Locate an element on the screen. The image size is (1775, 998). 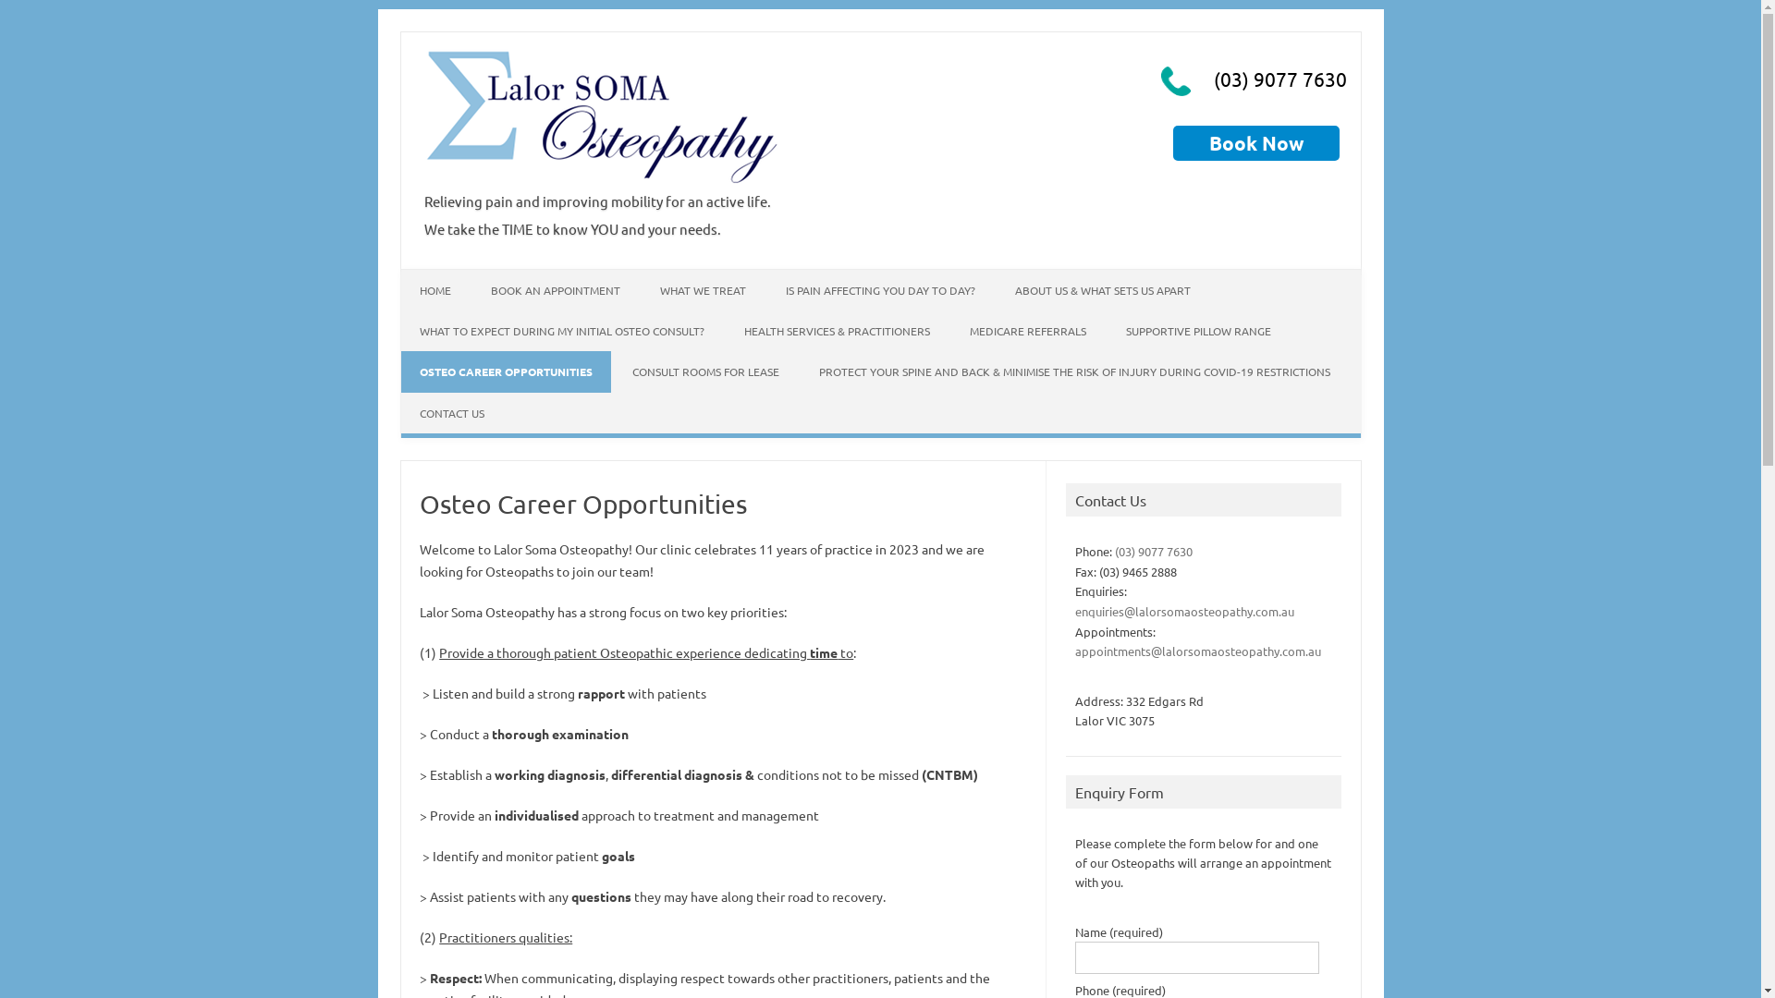
'WHAT TO EXPECT DURING MY INITIAL OSTEO CONSULT?' is located at coordinates (561, 330).